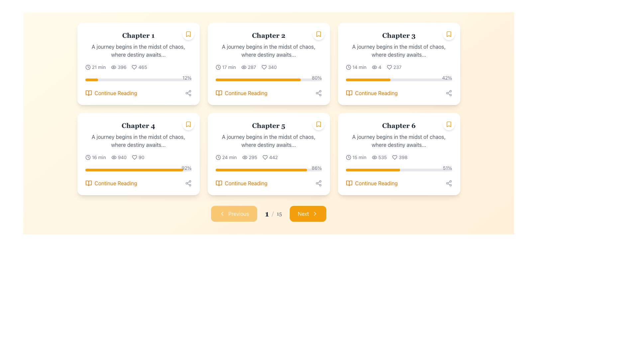 Image resolution: width=638 pixels, height=358 pixels. I want to click on like count displayed in the 'Chapter 1' card, which is located in the second row of the center section, aligned with the heart icon showing '465', so click(142, 67).